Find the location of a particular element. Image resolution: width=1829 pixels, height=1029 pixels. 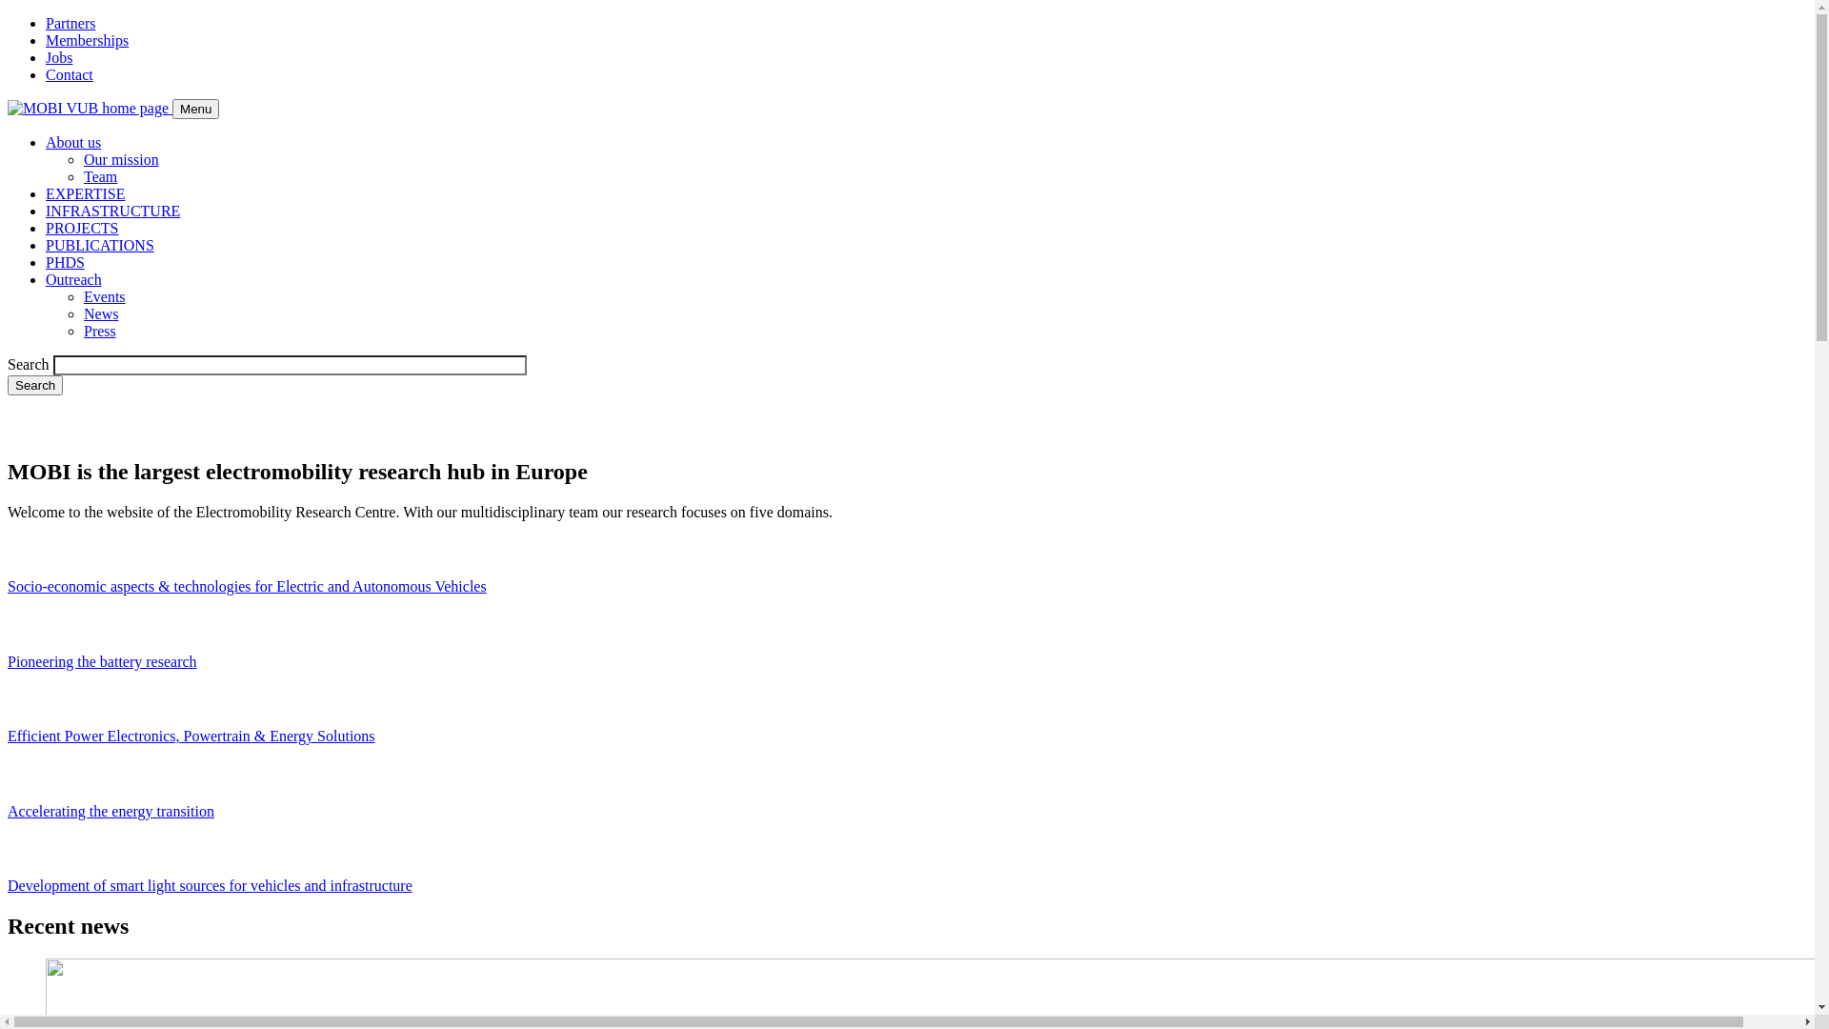

'Search' is located at coordinates (35, 385).